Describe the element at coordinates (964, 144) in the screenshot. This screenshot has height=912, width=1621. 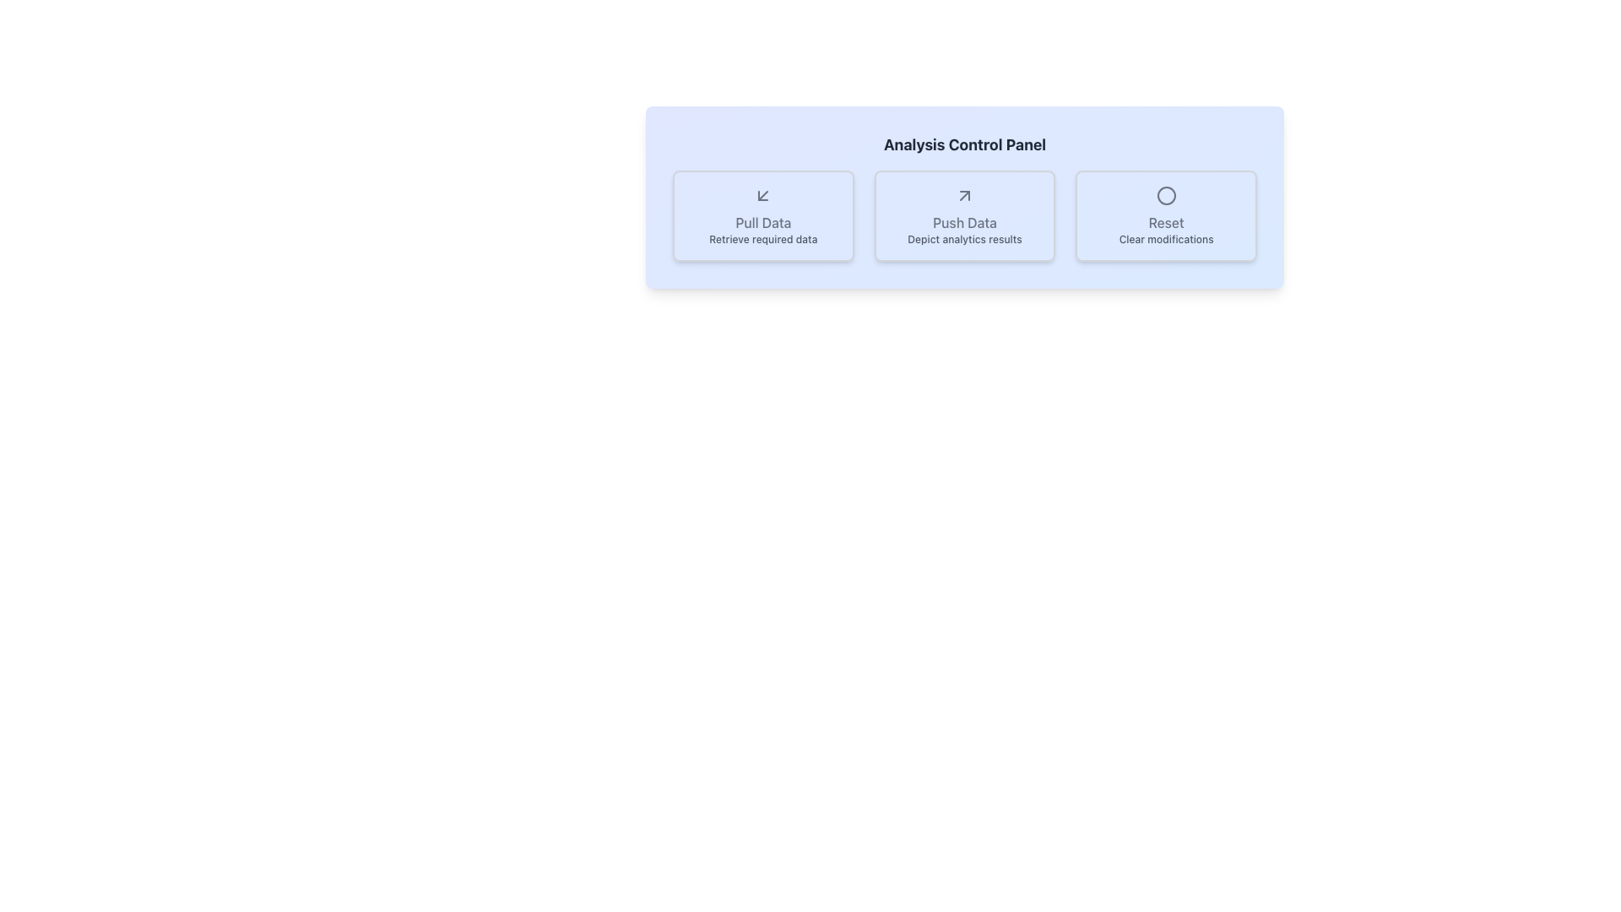
I see `the large, bold text label that reads 'Analysis Control Panel', which is situated against a light blue gradient background, to interact with it` at that location.